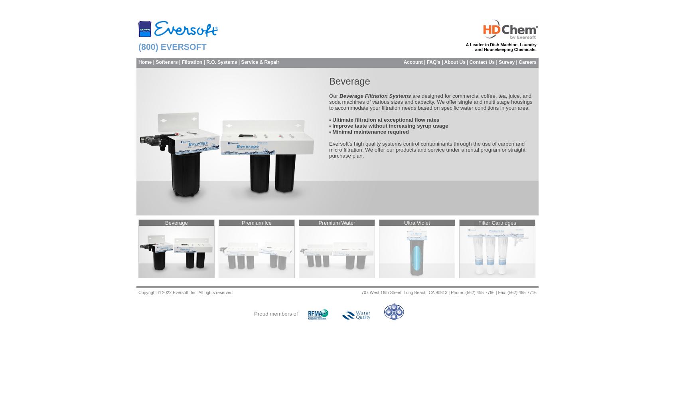  I want to click on 'Contact Us', so click(468, 62).